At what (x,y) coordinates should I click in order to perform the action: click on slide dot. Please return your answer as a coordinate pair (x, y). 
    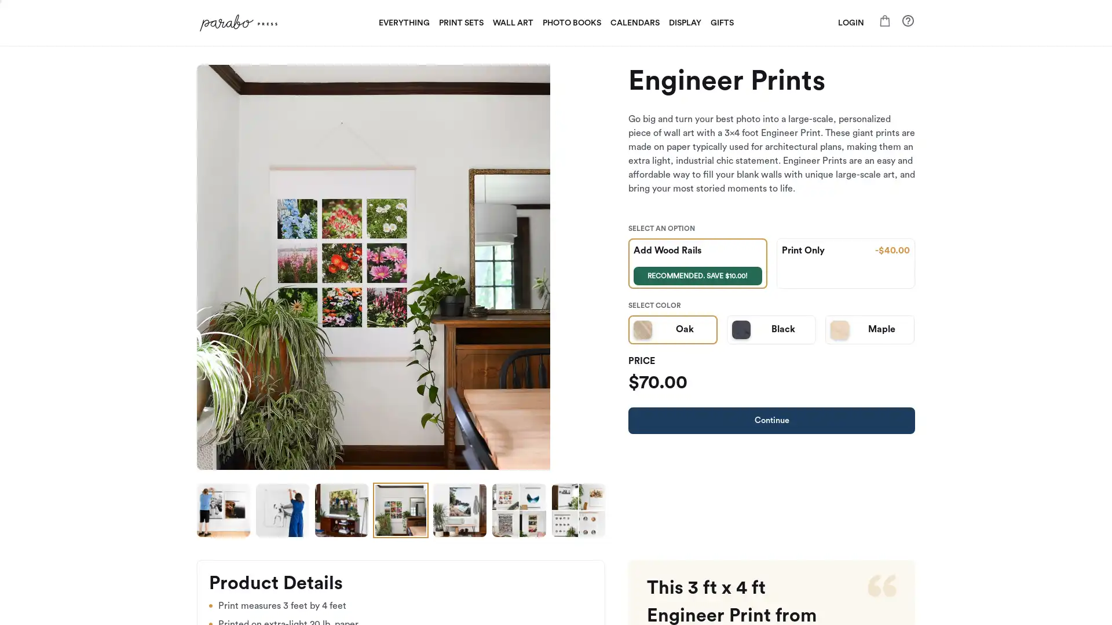
    Looking at the image, I should click on (223, 510).